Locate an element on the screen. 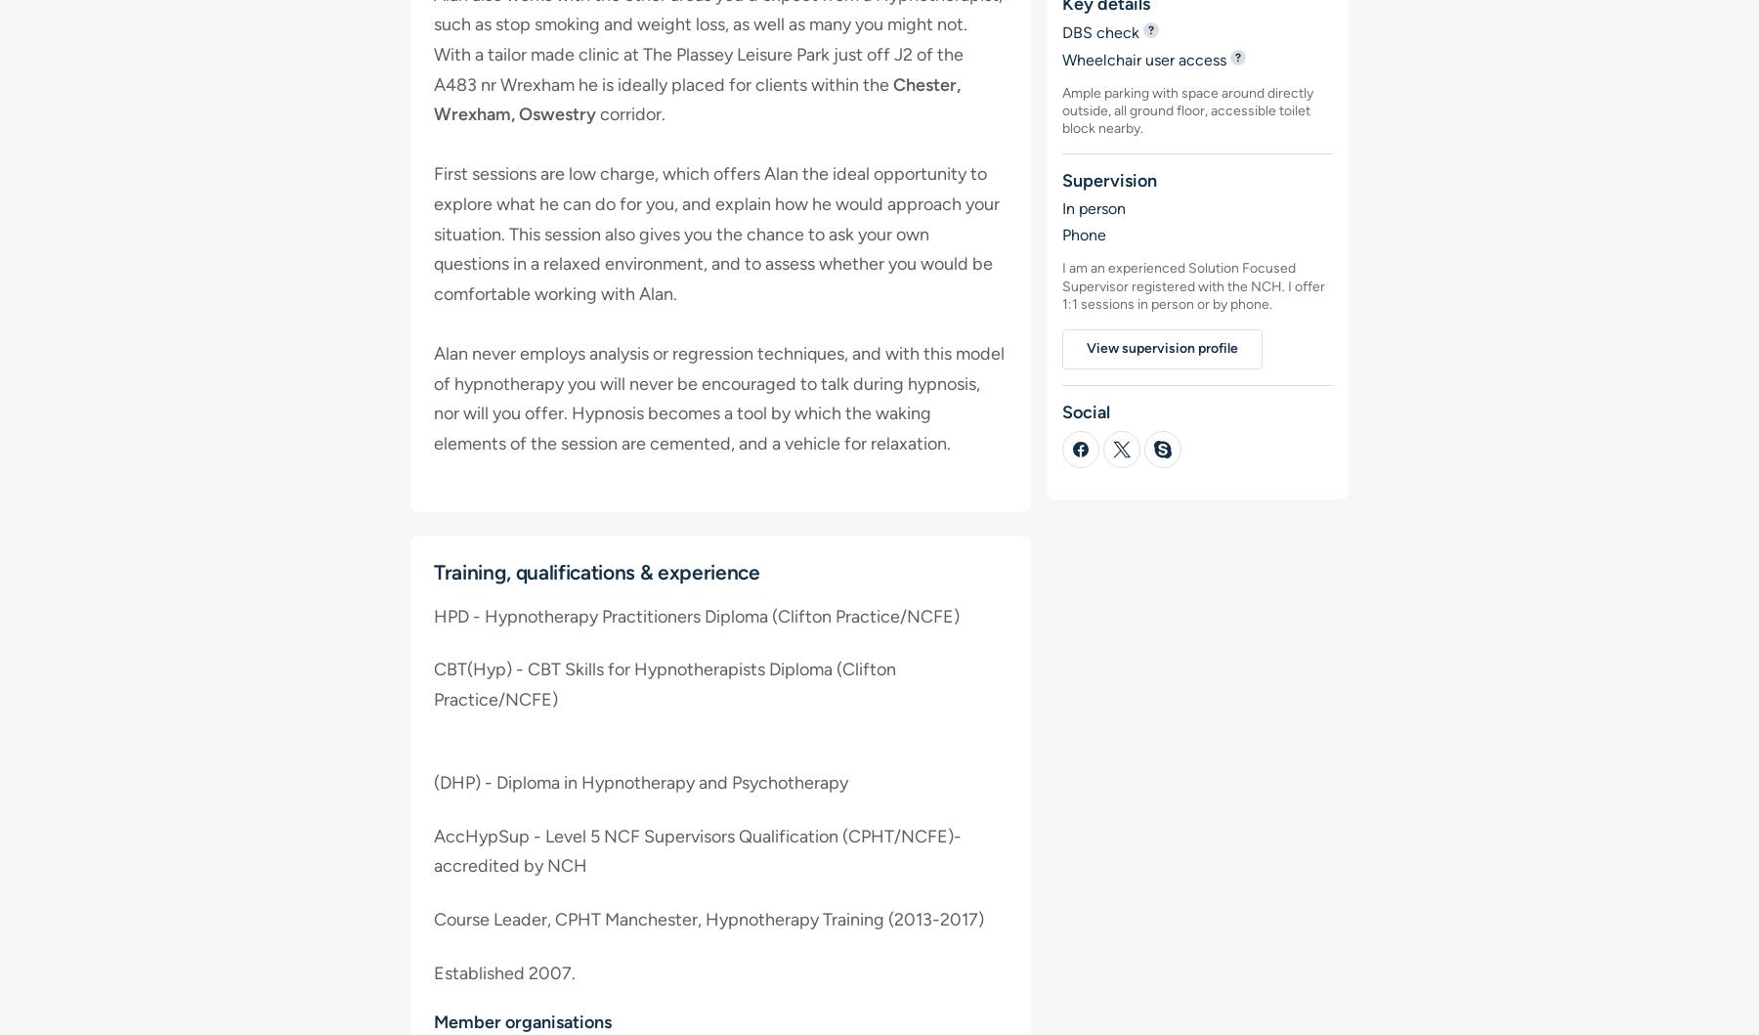 The height and width of the screenshot is (1035, 1759). 'Supervision' is located at coordinates (1107, 180).